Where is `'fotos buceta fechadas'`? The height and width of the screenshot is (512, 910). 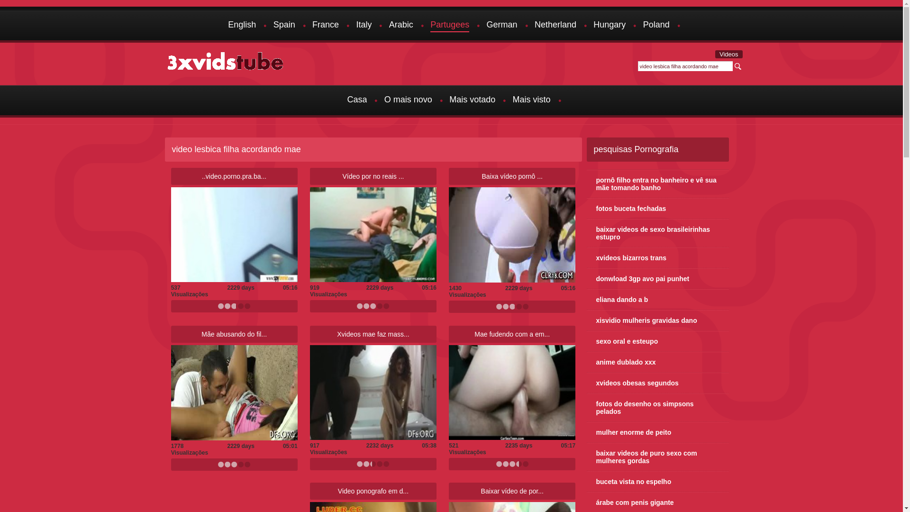
'fotos buceta fechadas' is located at coordinates (657, 208).